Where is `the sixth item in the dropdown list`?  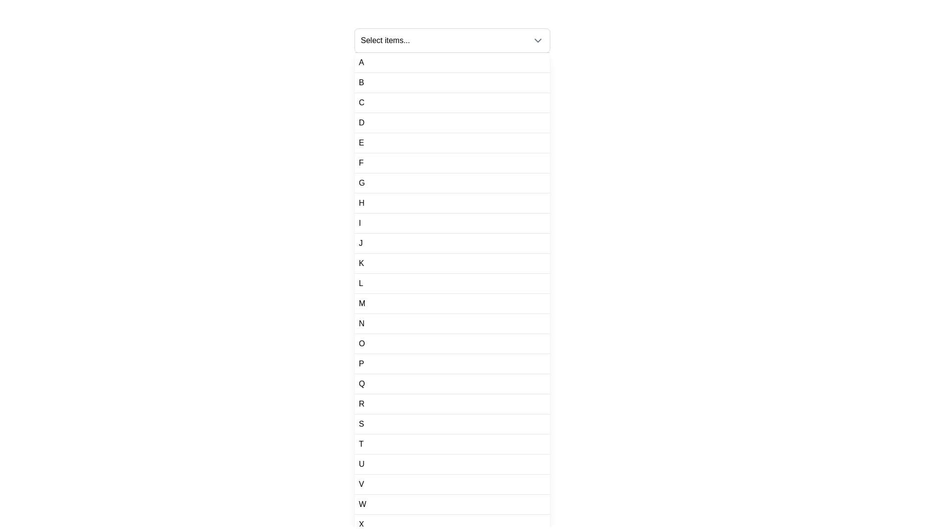
the sixth item in the dropdown list is located at coordinates (452, 163).